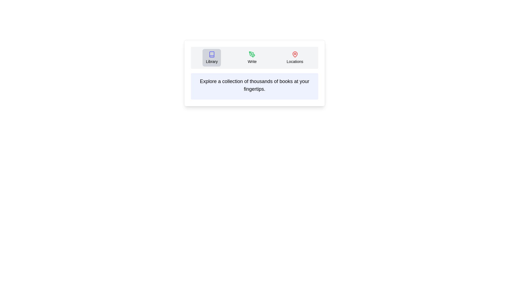  I want to click on the tab labeled Write, so click(252, 57).